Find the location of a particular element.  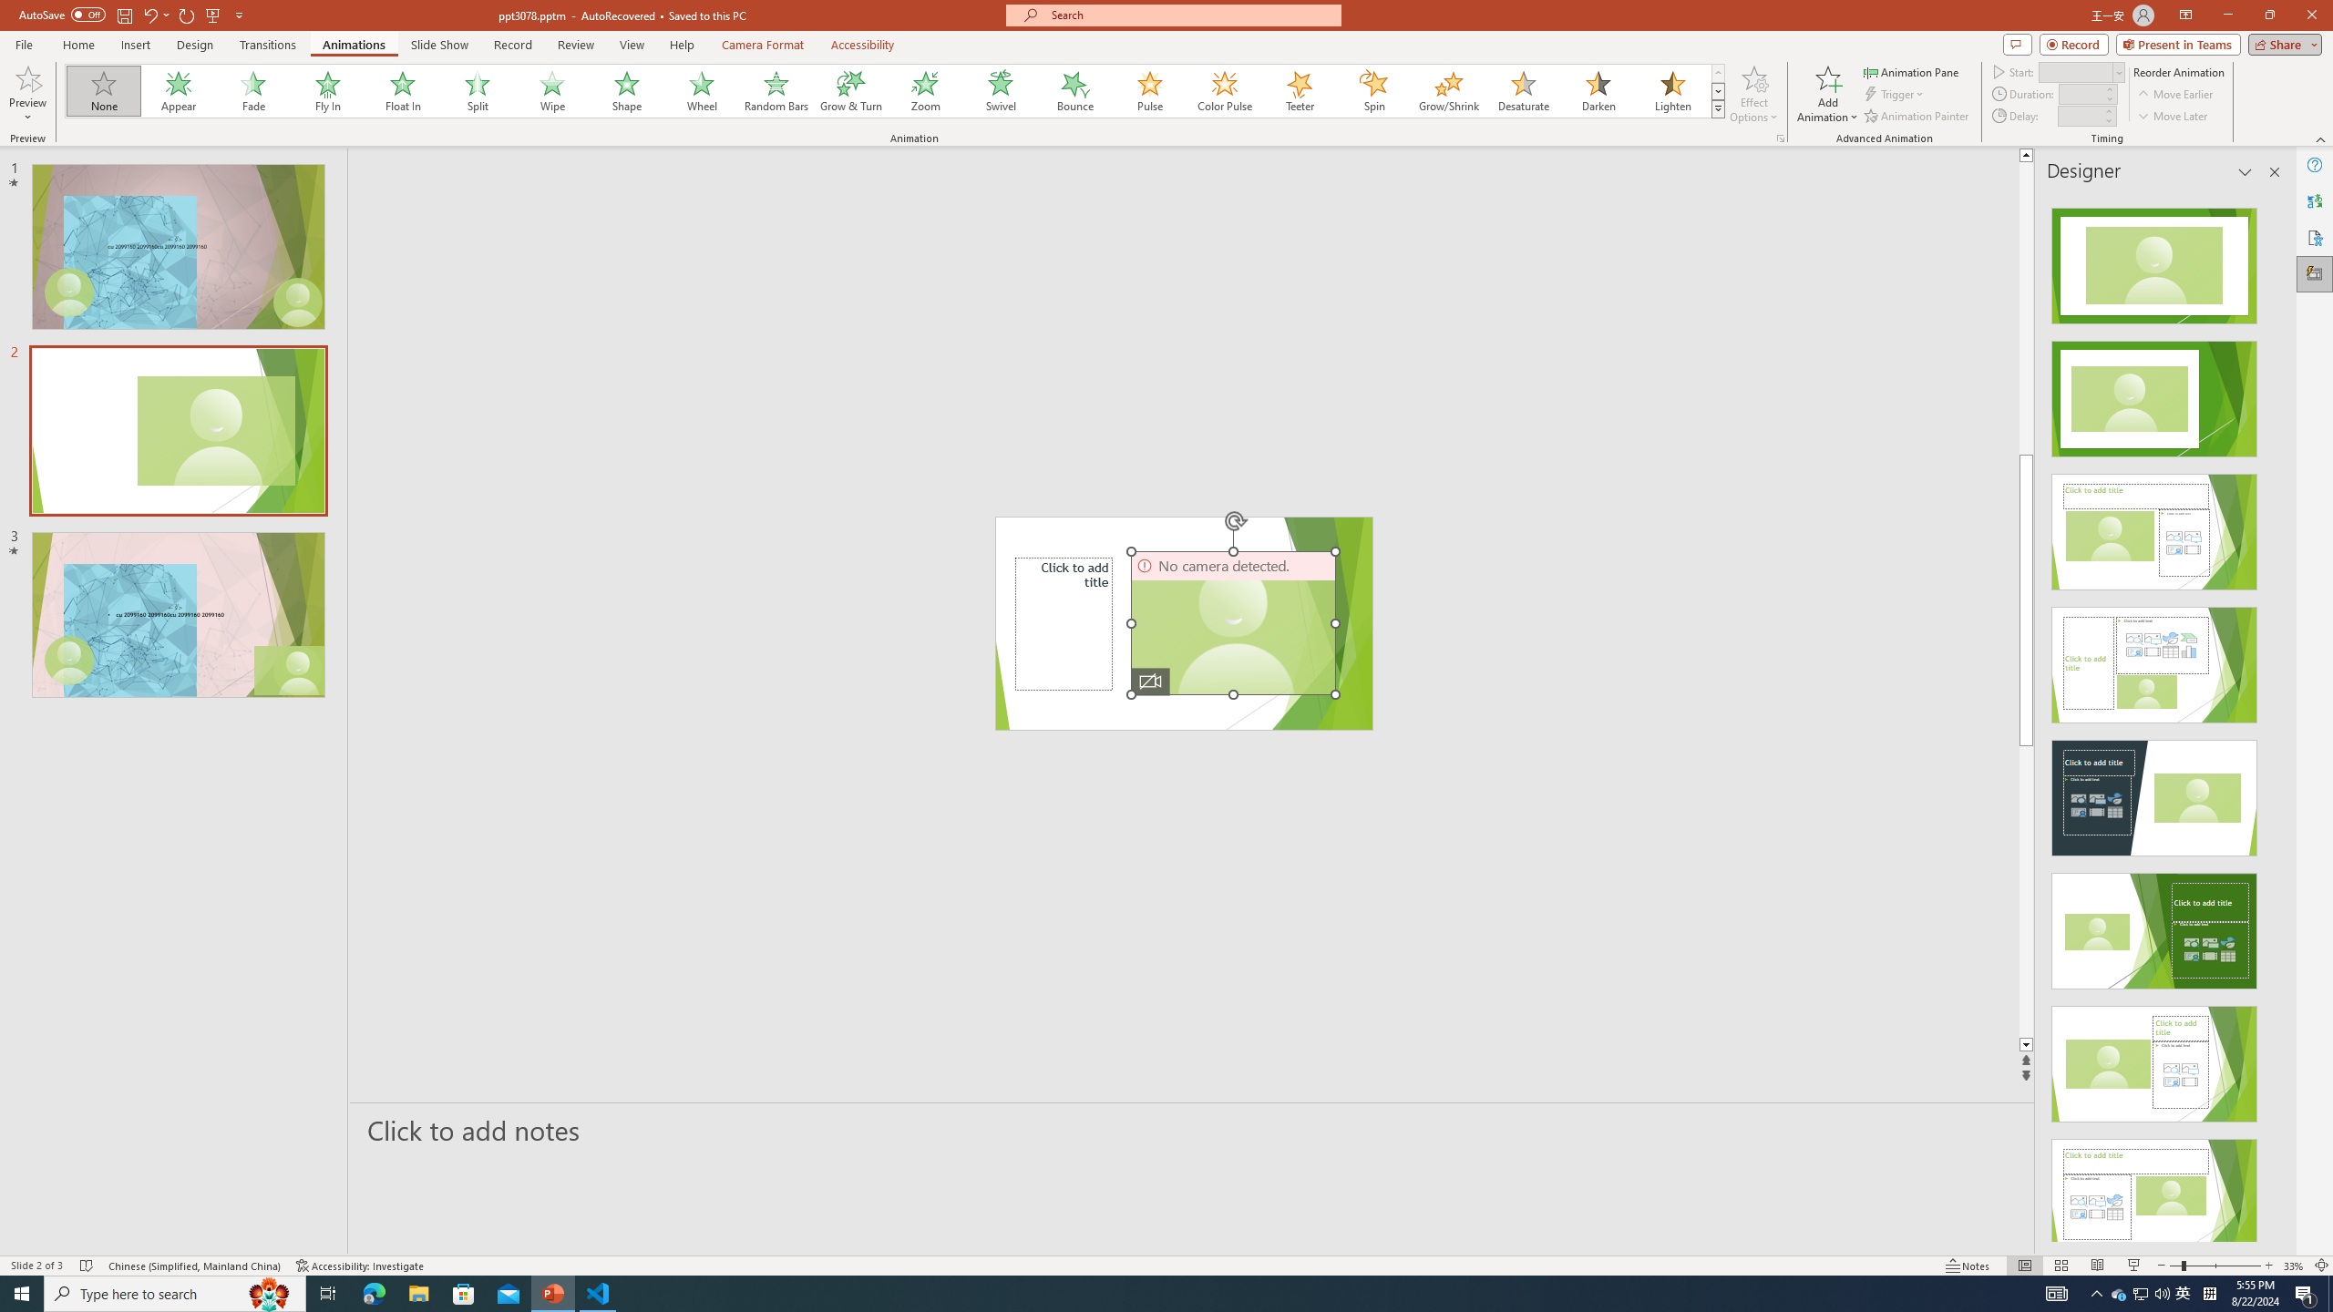

'Recommended Design: Design Idea' is located at coordinates (2154, 259).